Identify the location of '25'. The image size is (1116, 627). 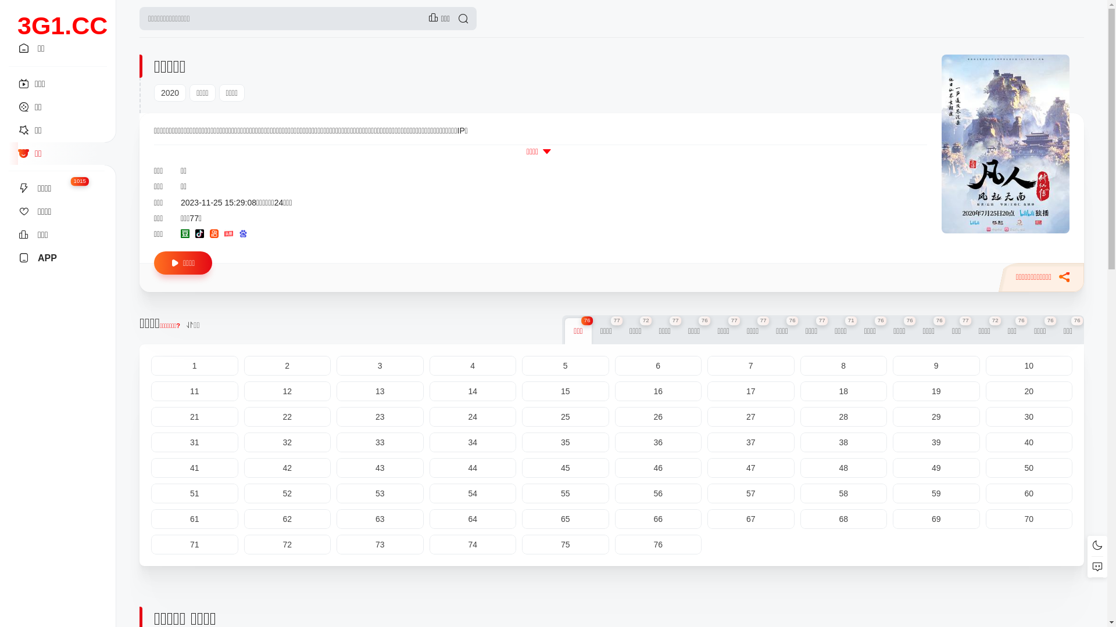
(566, 416).